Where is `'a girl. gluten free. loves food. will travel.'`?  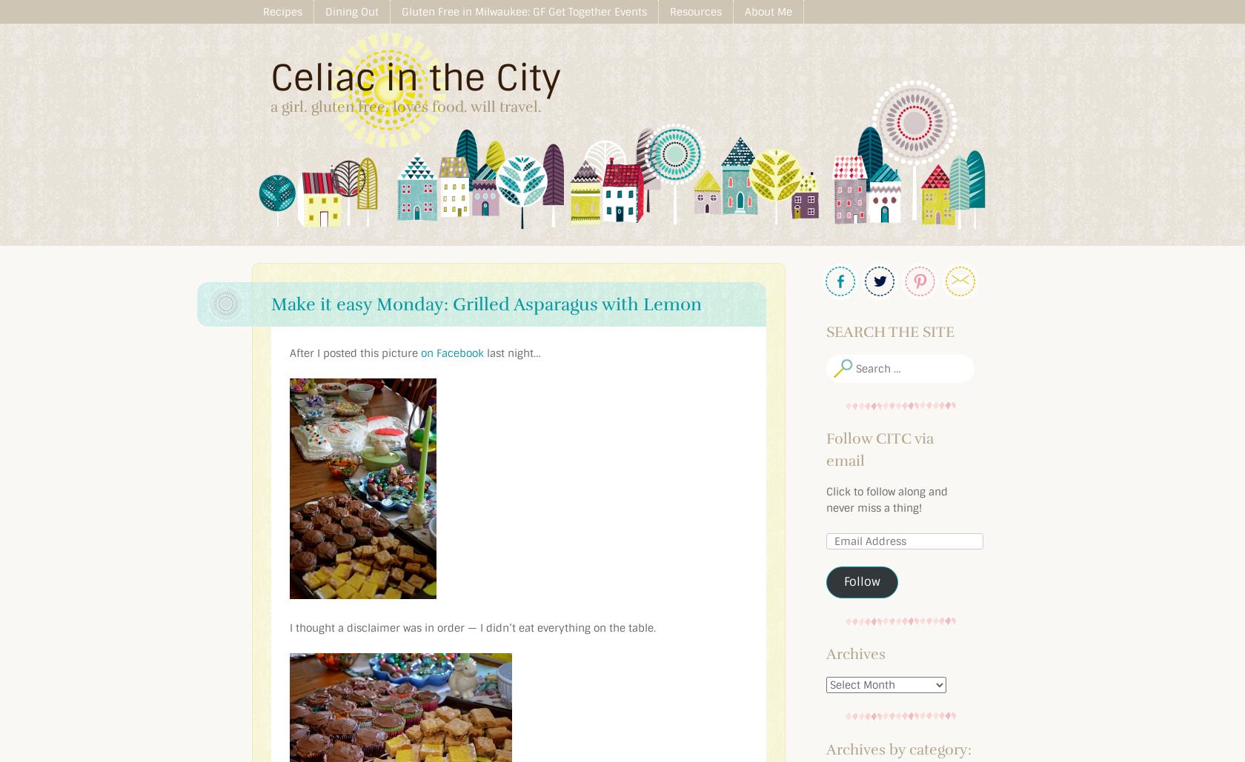
'a girl. gluten free. loves food. will travel.' is located at coordinates (406, 106).